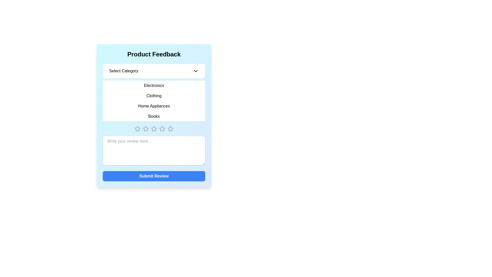  I want to click on the third star-shaped SVG icon in the rating control, so click(153, 128).